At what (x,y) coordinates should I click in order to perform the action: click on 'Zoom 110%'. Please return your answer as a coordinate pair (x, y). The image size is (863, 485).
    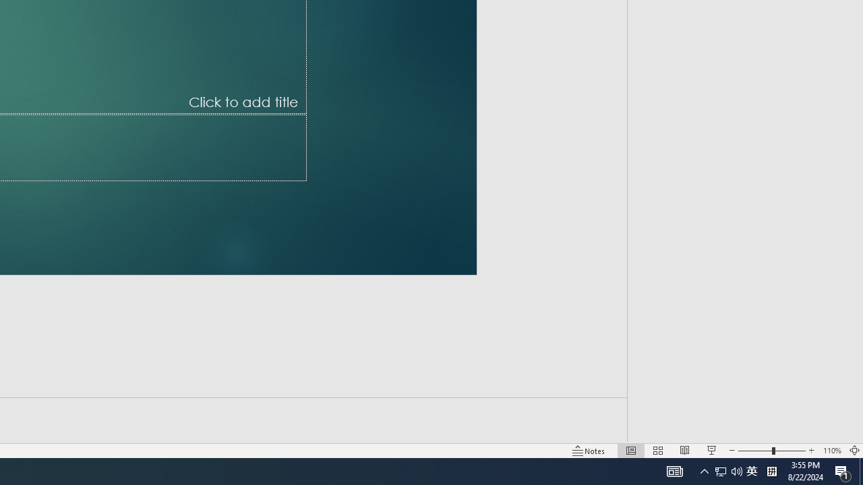
    Looking at the image, I should click on (831, 451).